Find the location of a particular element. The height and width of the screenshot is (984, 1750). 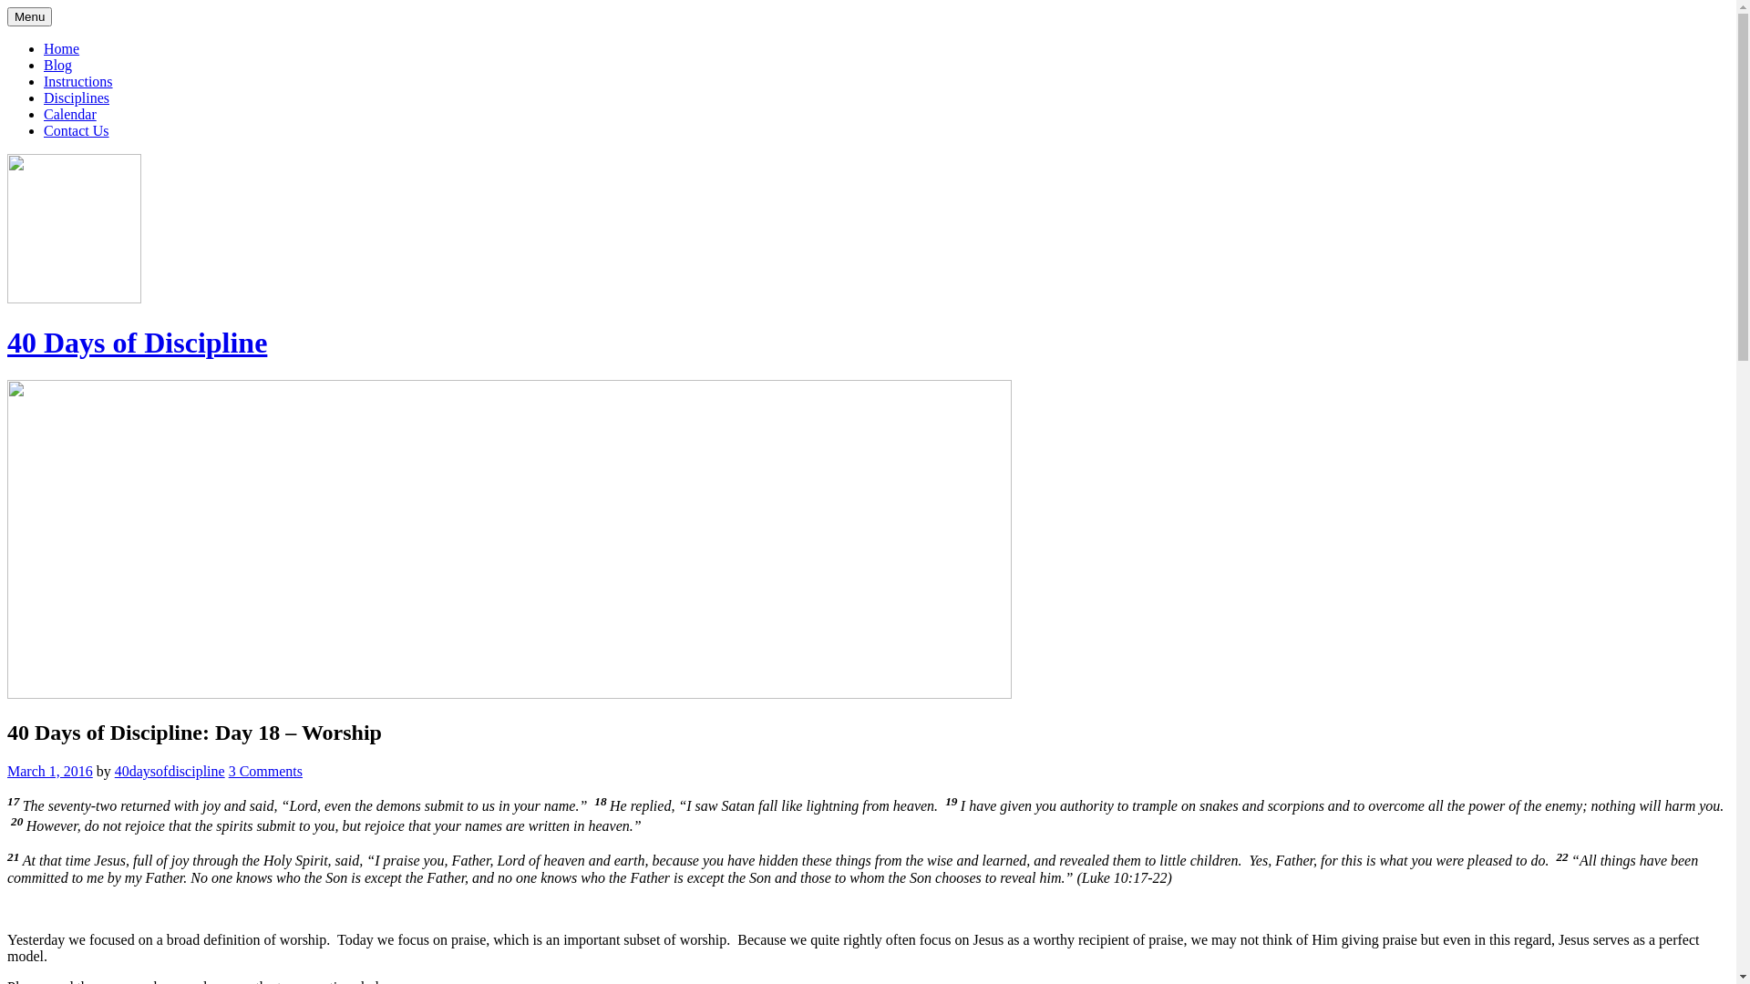

'Instructions' is located at coordinates (77, 80).